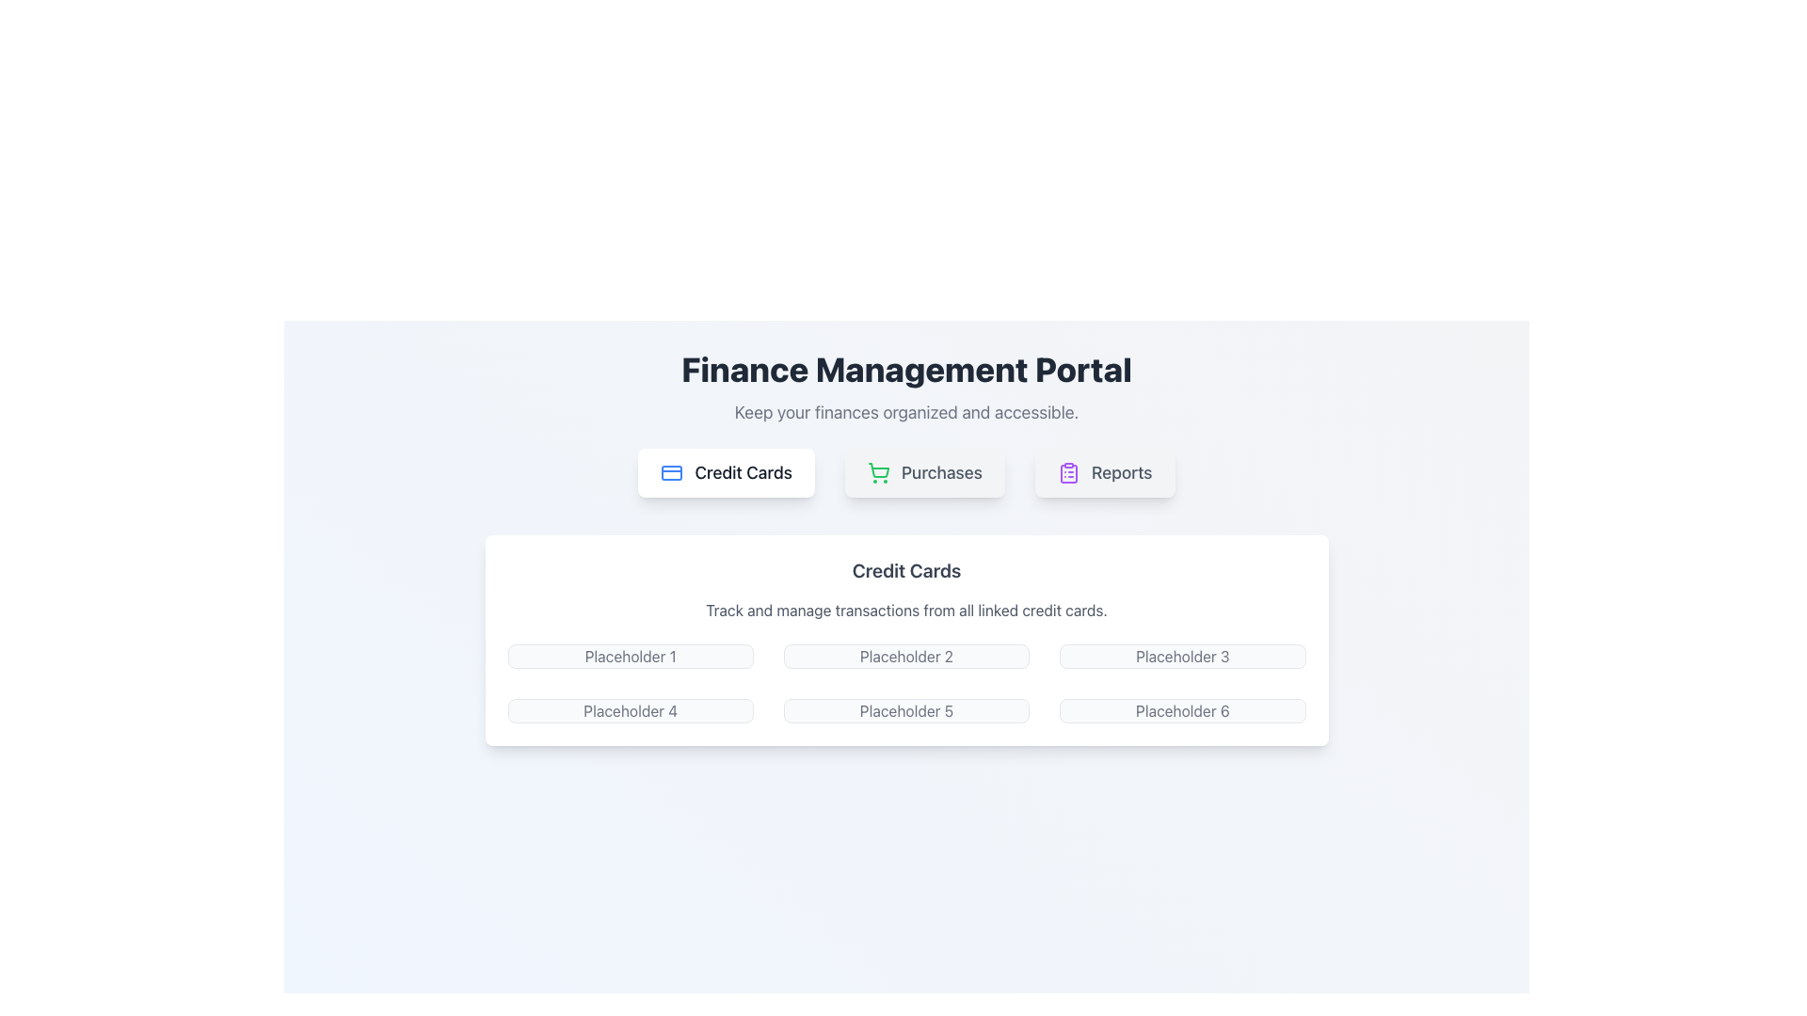  I want to click on the second placeholder box in a grid of six, so click(906, 656).